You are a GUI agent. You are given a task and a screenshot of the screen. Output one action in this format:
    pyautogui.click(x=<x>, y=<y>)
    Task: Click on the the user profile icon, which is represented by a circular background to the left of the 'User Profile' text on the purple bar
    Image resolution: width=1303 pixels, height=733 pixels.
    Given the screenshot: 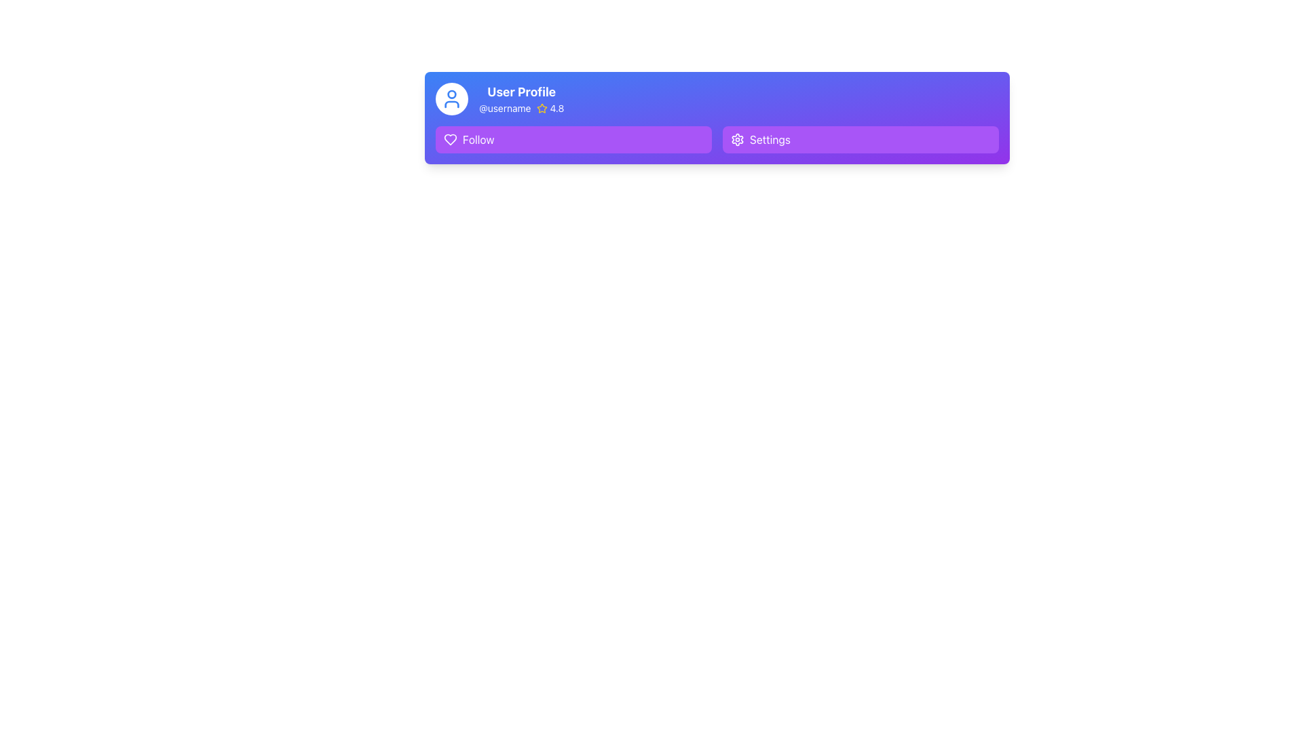 What is the action you would take?
    pyautogui.click(x=452, y=98)
    